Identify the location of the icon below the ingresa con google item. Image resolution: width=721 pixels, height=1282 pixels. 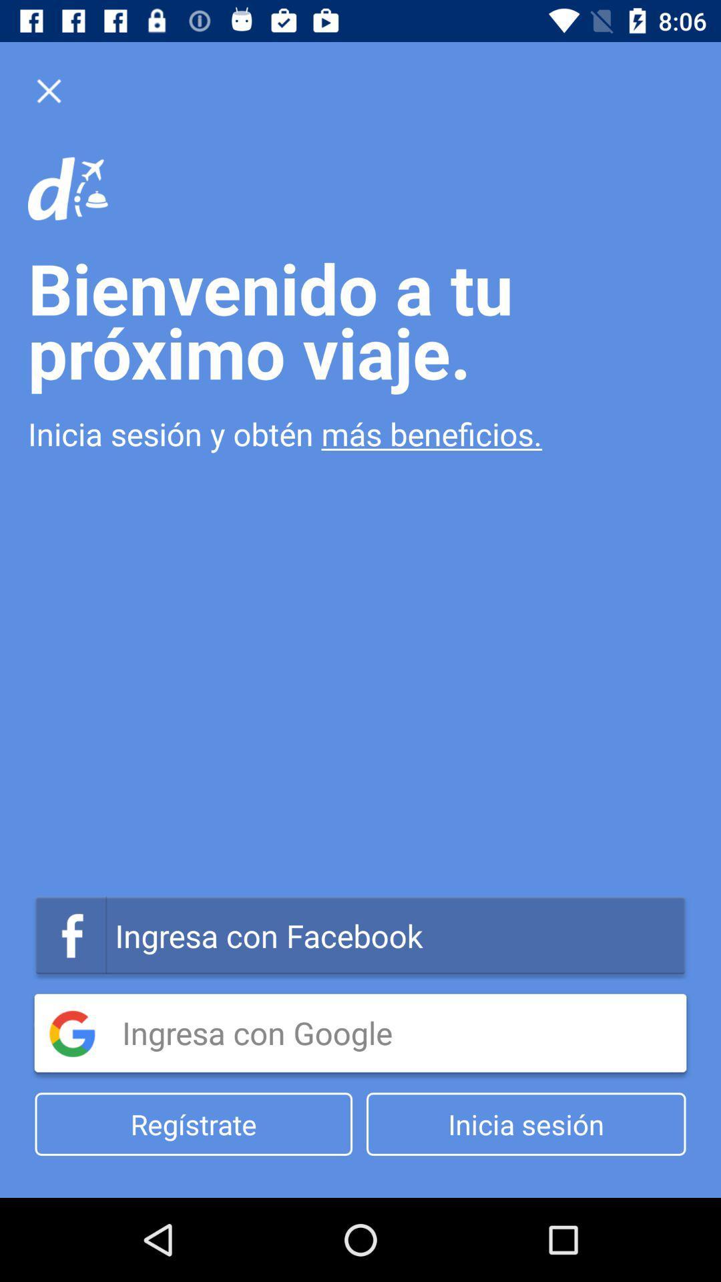
(194, 1123).